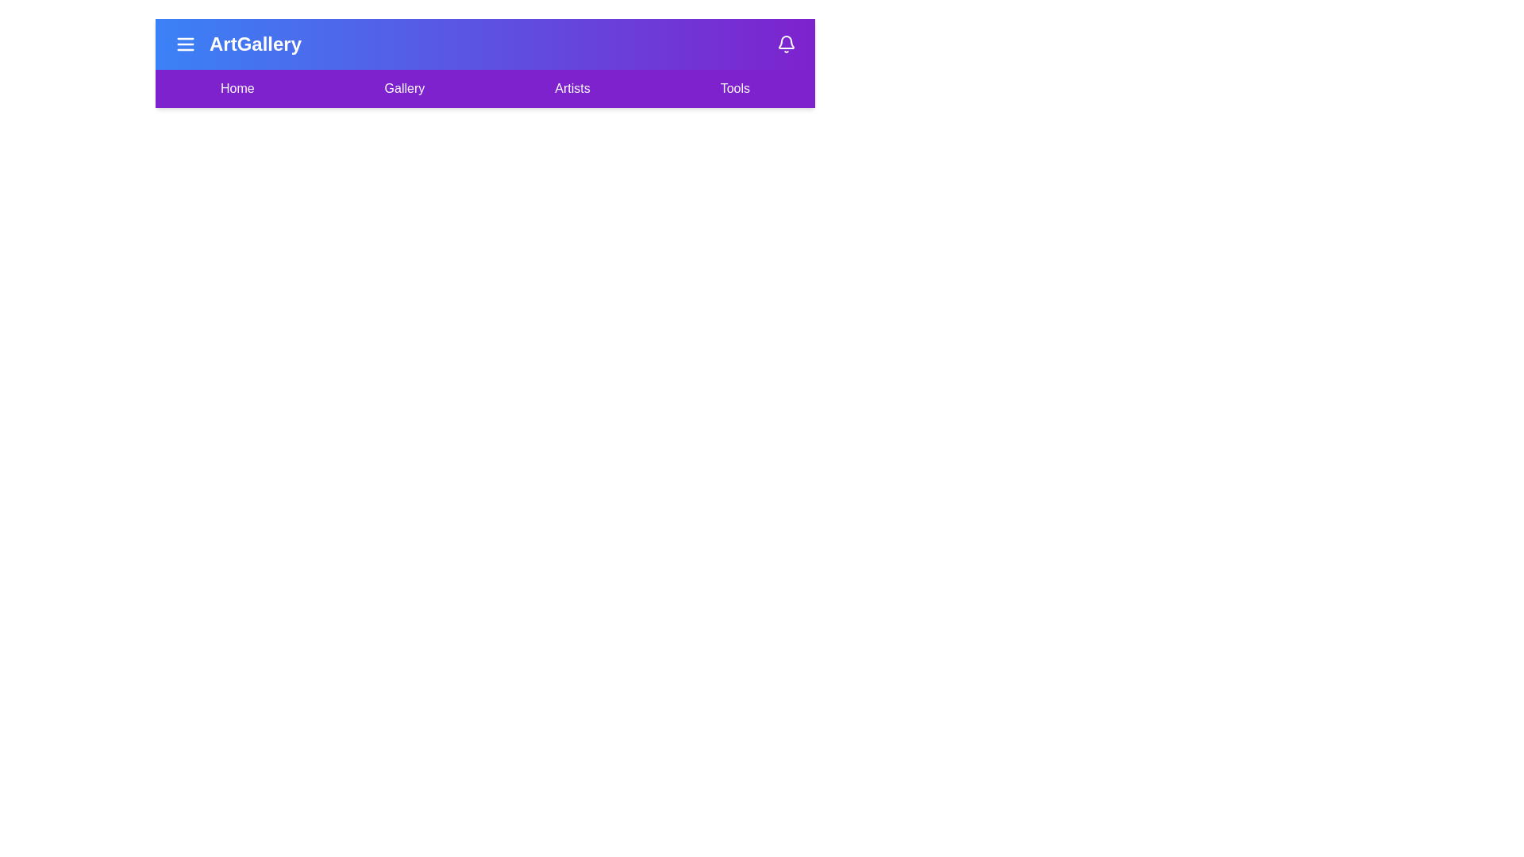 The height and width of the screenshot is (857, 1524). What do you see at coordinates (404, 88) in the screenshot?
I see `the menu item Gallery to observe its hover effect` at bounding box center [404, 88].